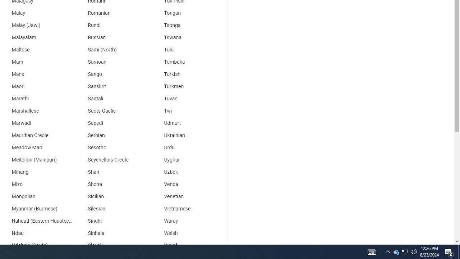  What do you see at coordinates (189, 62) in the screenshot?
I see `'Tumbuka'` at bounding box center [189, 62].